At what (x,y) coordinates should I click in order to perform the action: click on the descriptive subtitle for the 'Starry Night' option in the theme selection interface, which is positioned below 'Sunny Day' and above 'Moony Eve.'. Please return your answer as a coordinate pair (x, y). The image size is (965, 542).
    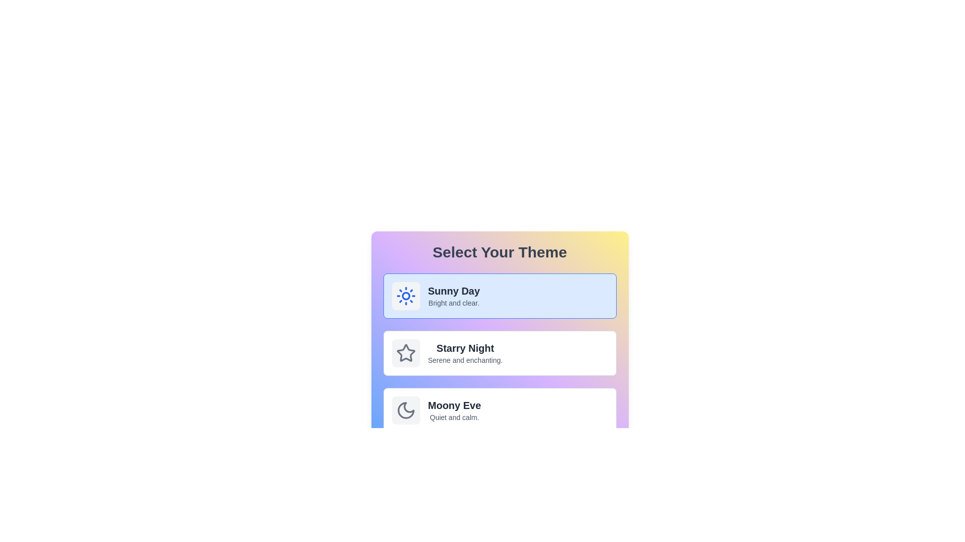
    Looking at the image, I should click on (464, 359).